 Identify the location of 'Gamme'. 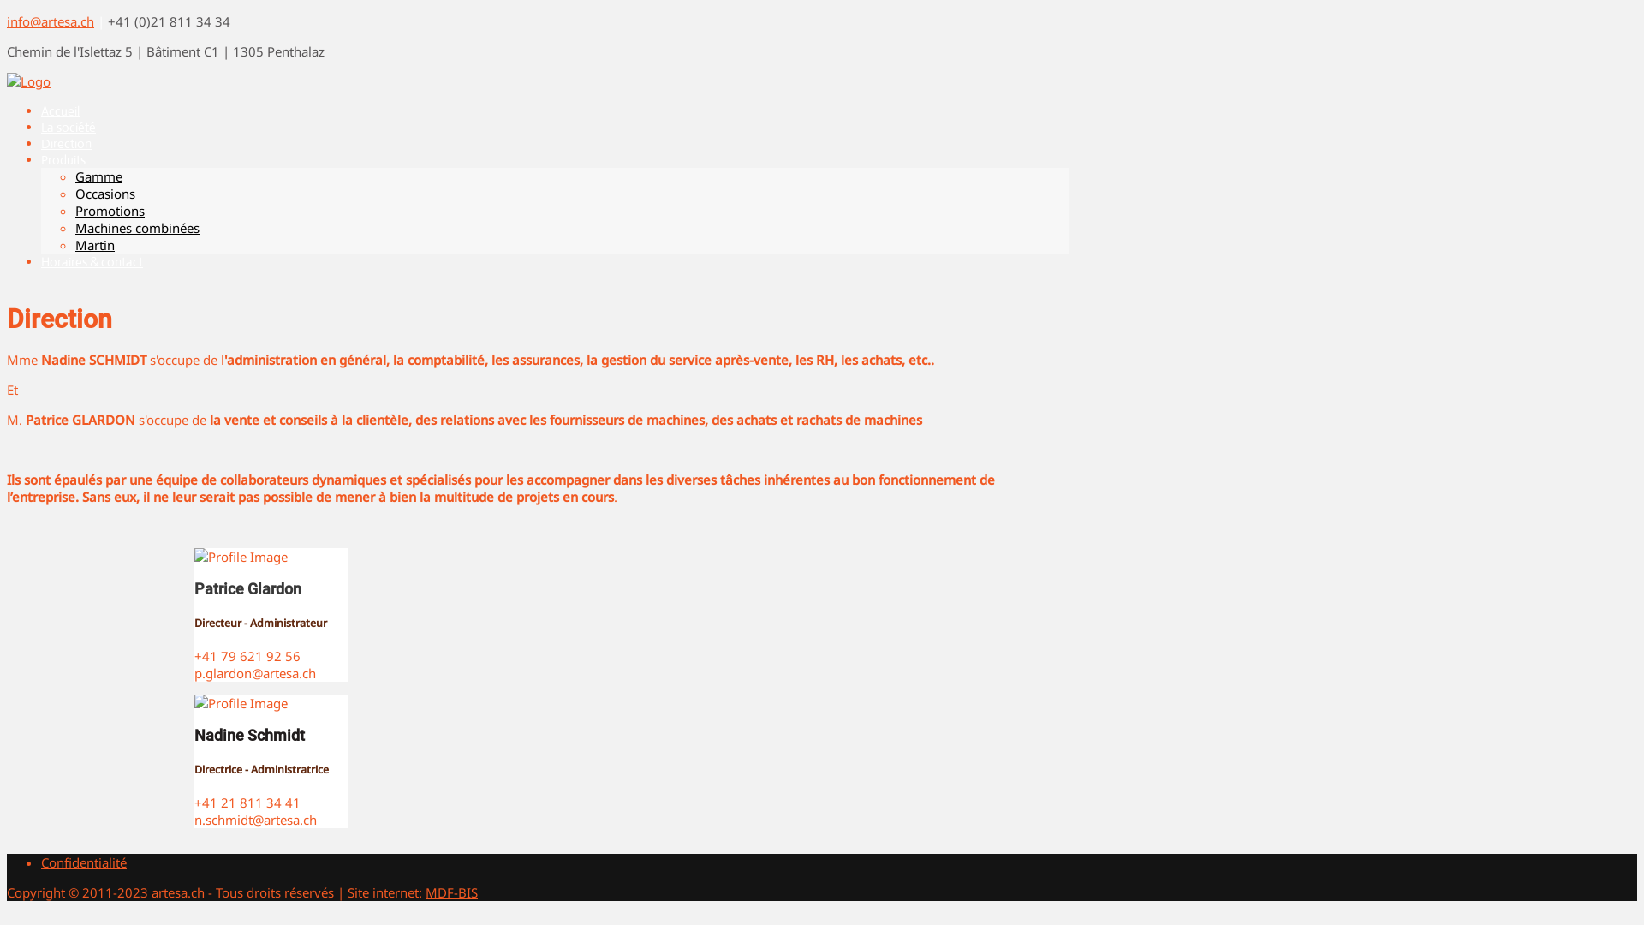
(98, 176).